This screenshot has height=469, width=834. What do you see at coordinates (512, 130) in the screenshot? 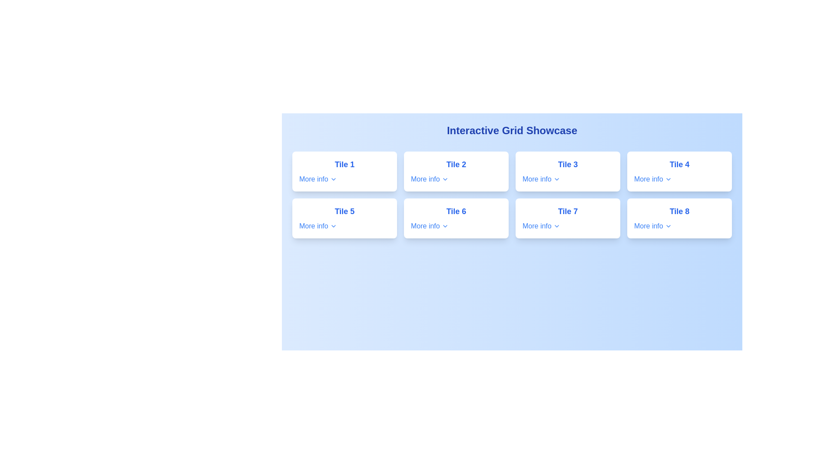
I see `the text of the header label located at the top center of the interactive grid section, which is distinct and identifiable as the only header element` at bounding box center [512, 130].